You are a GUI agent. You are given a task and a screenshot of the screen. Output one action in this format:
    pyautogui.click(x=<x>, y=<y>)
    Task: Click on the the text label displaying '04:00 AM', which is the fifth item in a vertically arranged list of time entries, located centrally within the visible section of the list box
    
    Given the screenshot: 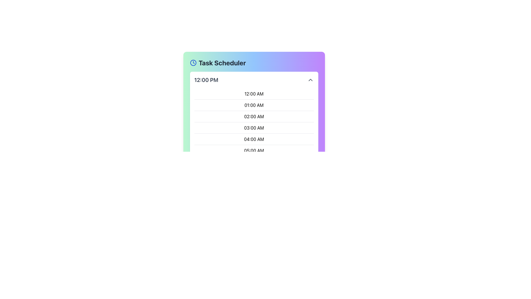 What is the action you would take?
    pyautogui.click(x=254, y=139)
    